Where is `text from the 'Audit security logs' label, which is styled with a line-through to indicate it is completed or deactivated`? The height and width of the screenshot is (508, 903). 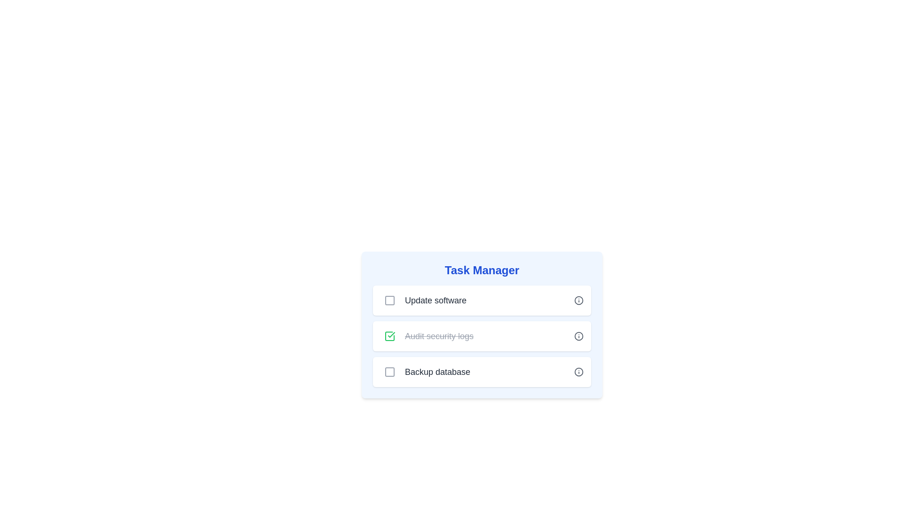
text from the 'Audit security logs' label, which is styled with a line-through to indicate it is completed or deactivated is located at coordinates (439, 335).